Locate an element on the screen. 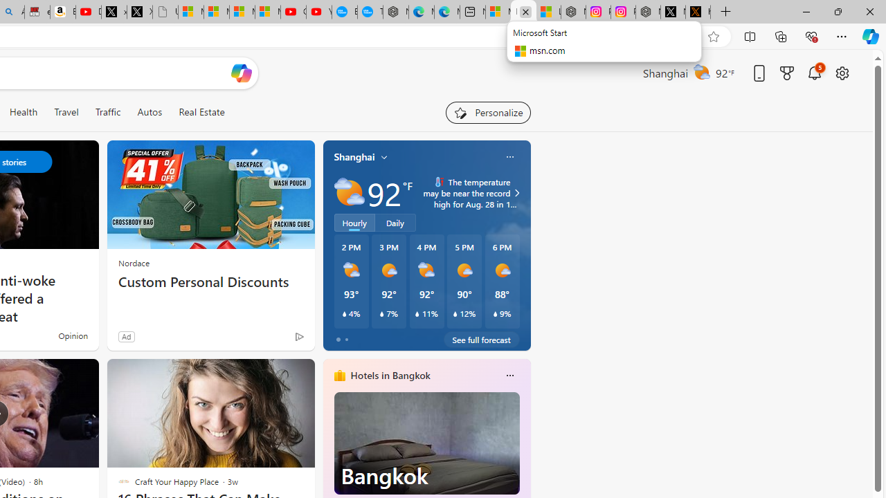  'Health' is located at coordinates (24, 111).